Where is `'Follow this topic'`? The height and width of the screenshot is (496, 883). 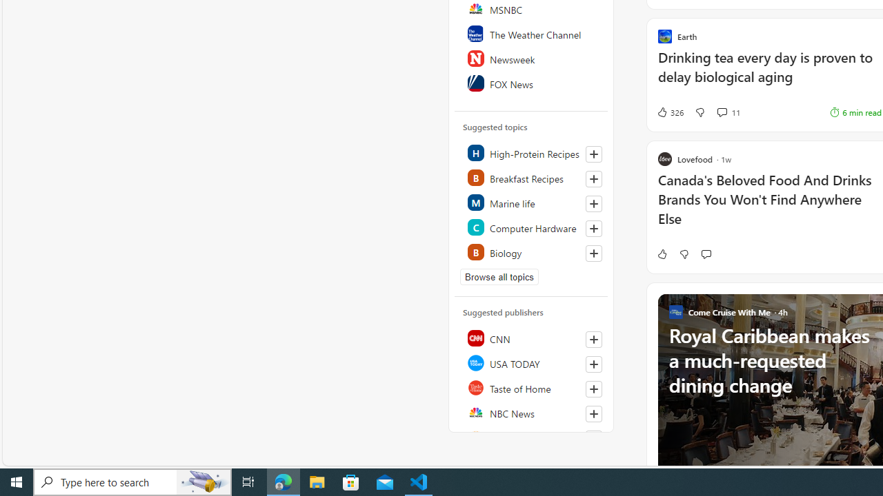 'Follow this topic' is located at coordinates (593, 253).